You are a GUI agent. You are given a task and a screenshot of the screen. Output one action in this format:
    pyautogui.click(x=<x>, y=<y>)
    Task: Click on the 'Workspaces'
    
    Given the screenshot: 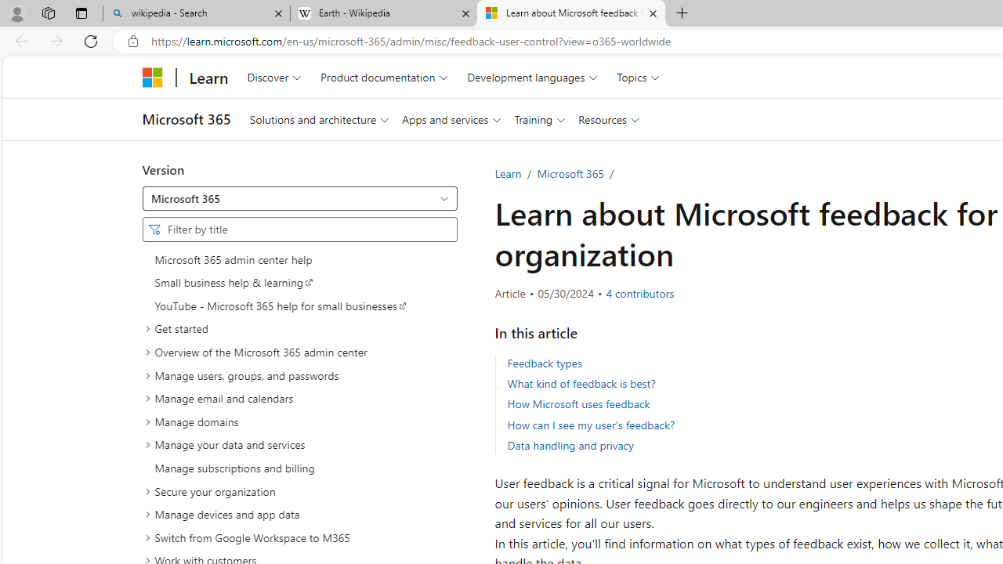 What is the action you would take?
    pyautogui.click(x=48, y=13)
    